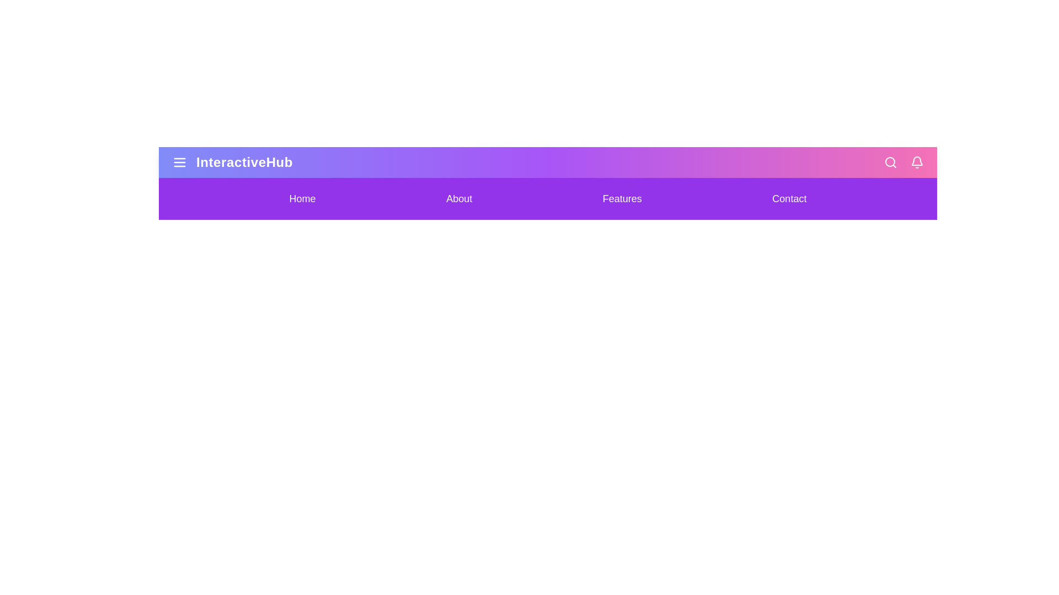 The height and width of the screenshot is (595, 1059). Describe the element at coordinates (890, 162) in the screenshot. I see `the search icon to initiate a search action` at that location.